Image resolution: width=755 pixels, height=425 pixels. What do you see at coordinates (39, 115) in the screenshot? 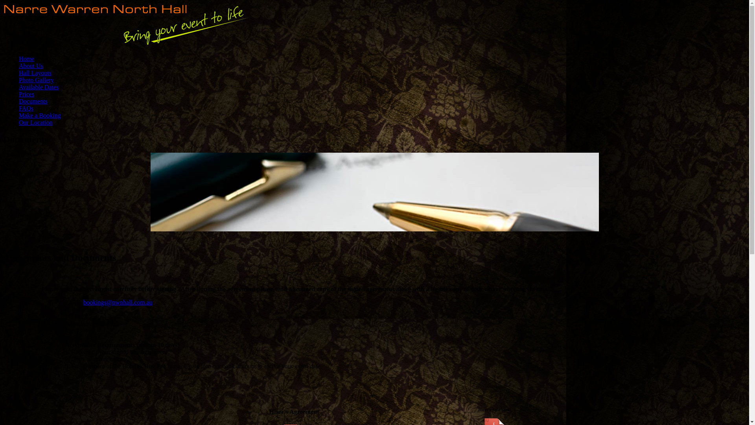
I see `'Make a Booking'` at bounding box center [39, 115].